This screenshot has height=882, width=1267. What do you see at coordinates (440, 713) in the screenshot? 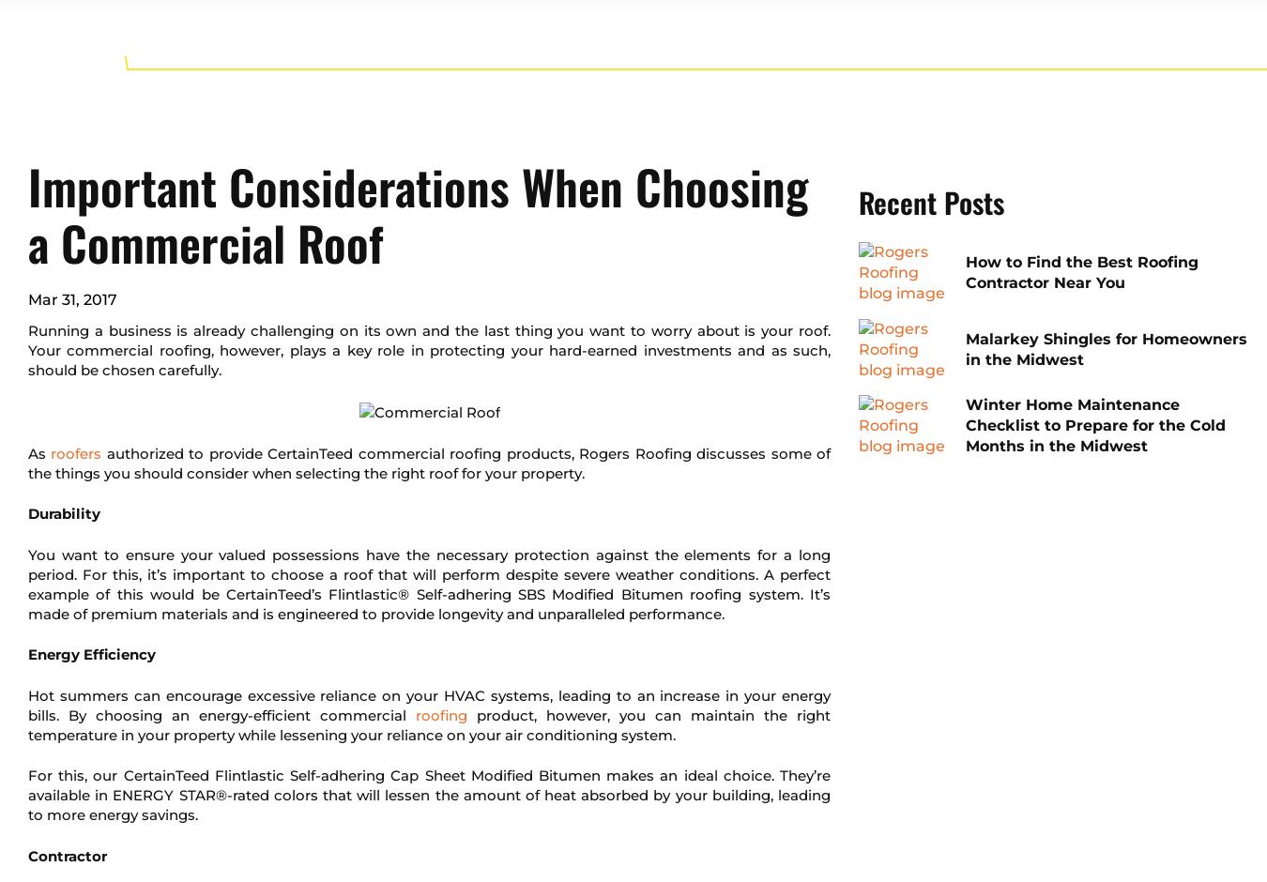
I see `'roofing'` at bounding box center [440, 713].